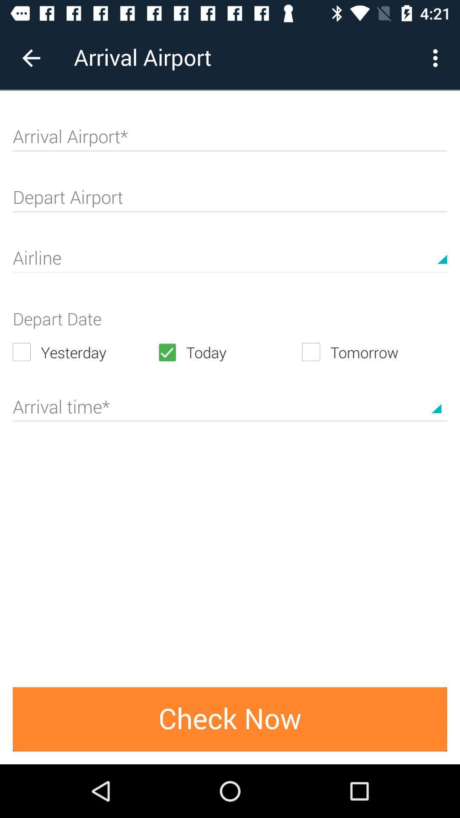 The width and height of the screenshot is (460, 818). I want to click on airline, so click(230, 261).